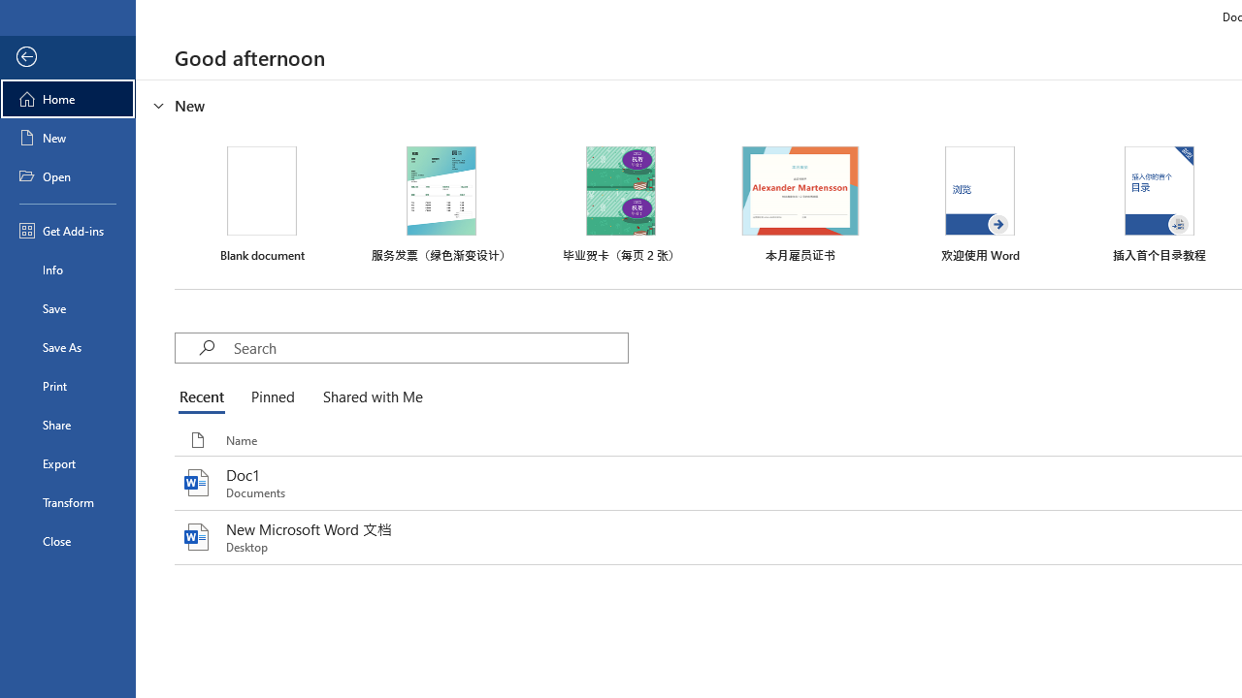 The height and width of the screenshot is (698, 1242). Describe the element at coordinates (159, 106) in the screenshot. I see `'Hide or show region'` at that location.